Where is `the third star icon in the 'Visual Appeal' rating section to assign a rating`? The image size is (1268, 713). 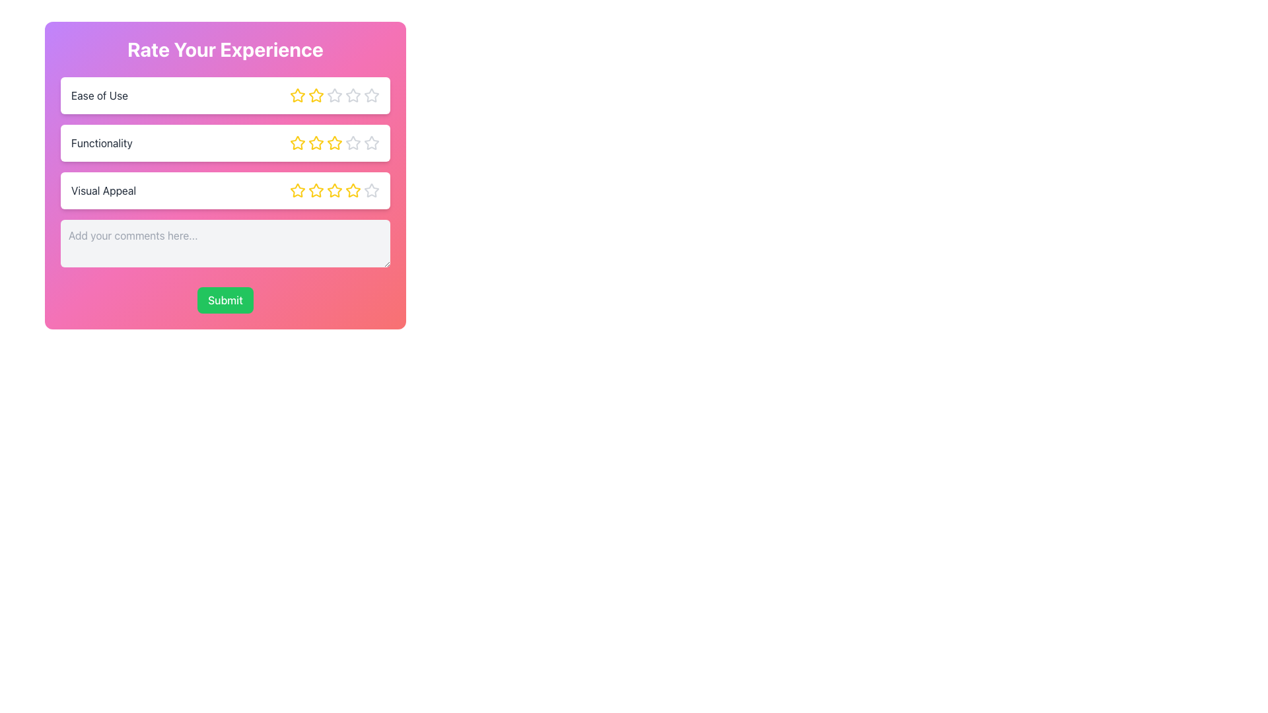 the third star icon in the 'Visual Appeal' rating section to assign a rating is located at coordinates (335, 191).